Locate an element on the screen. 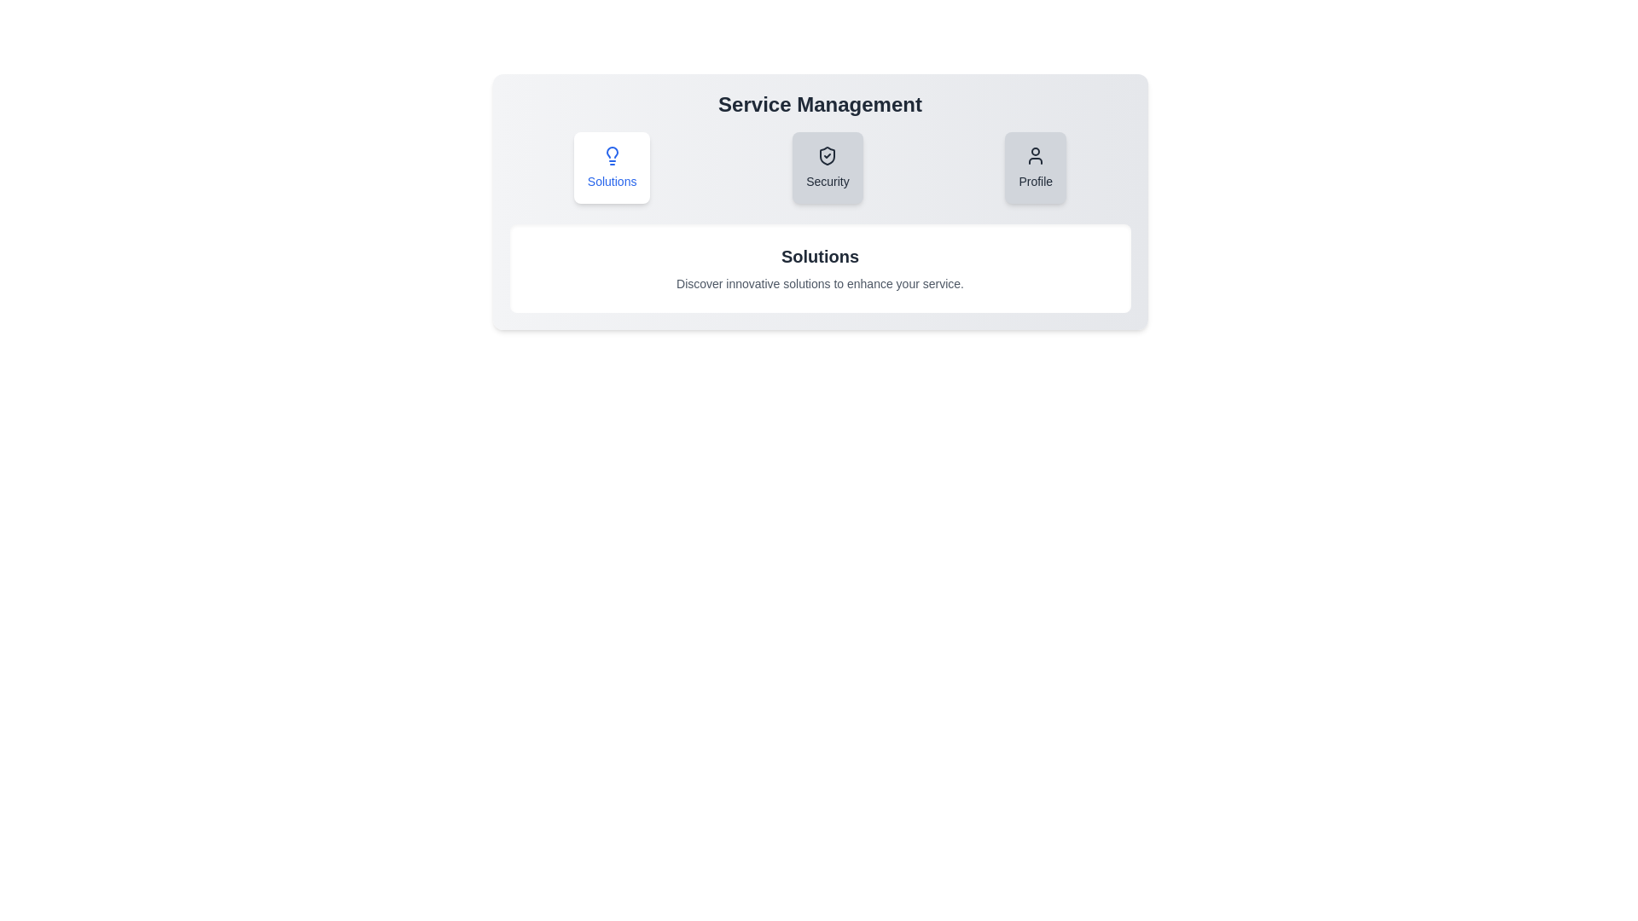  the 'Profile' tab to view its content is located at coordinates (1035, 167).